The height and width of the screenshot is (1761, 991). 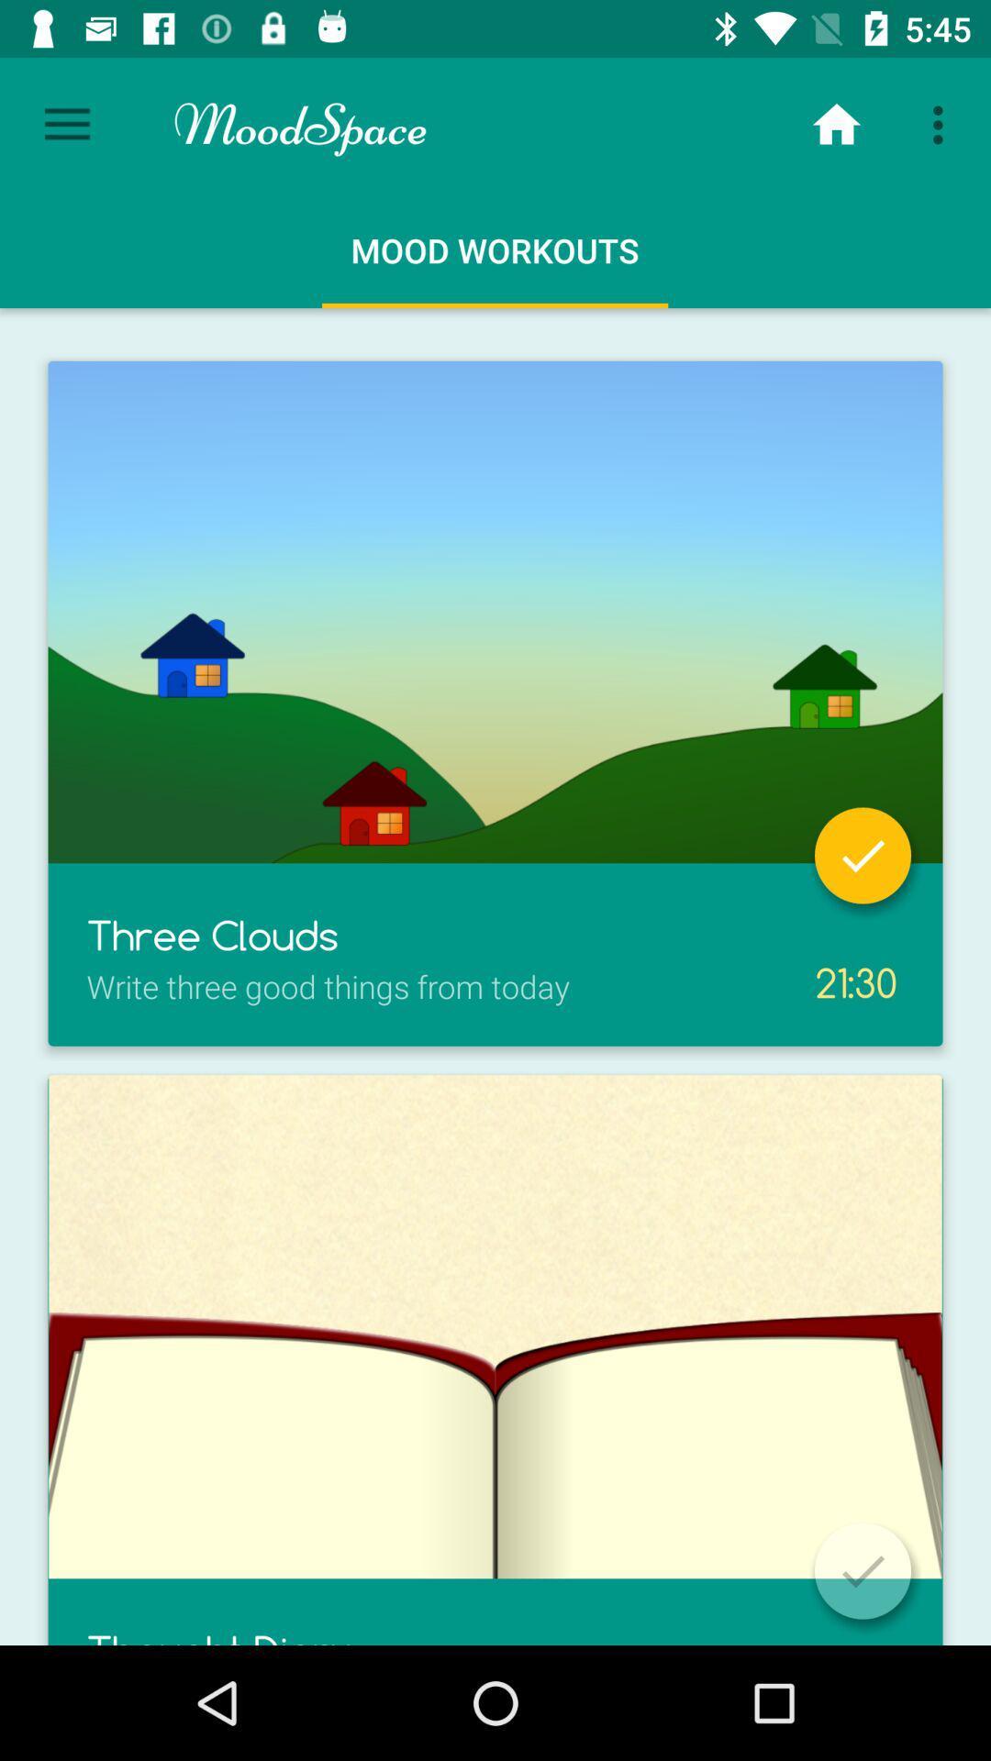 What do you see at coordinates (863, 854) in the screenshot?
I see `place to select check mark for something` at bounding box center [863, 854].